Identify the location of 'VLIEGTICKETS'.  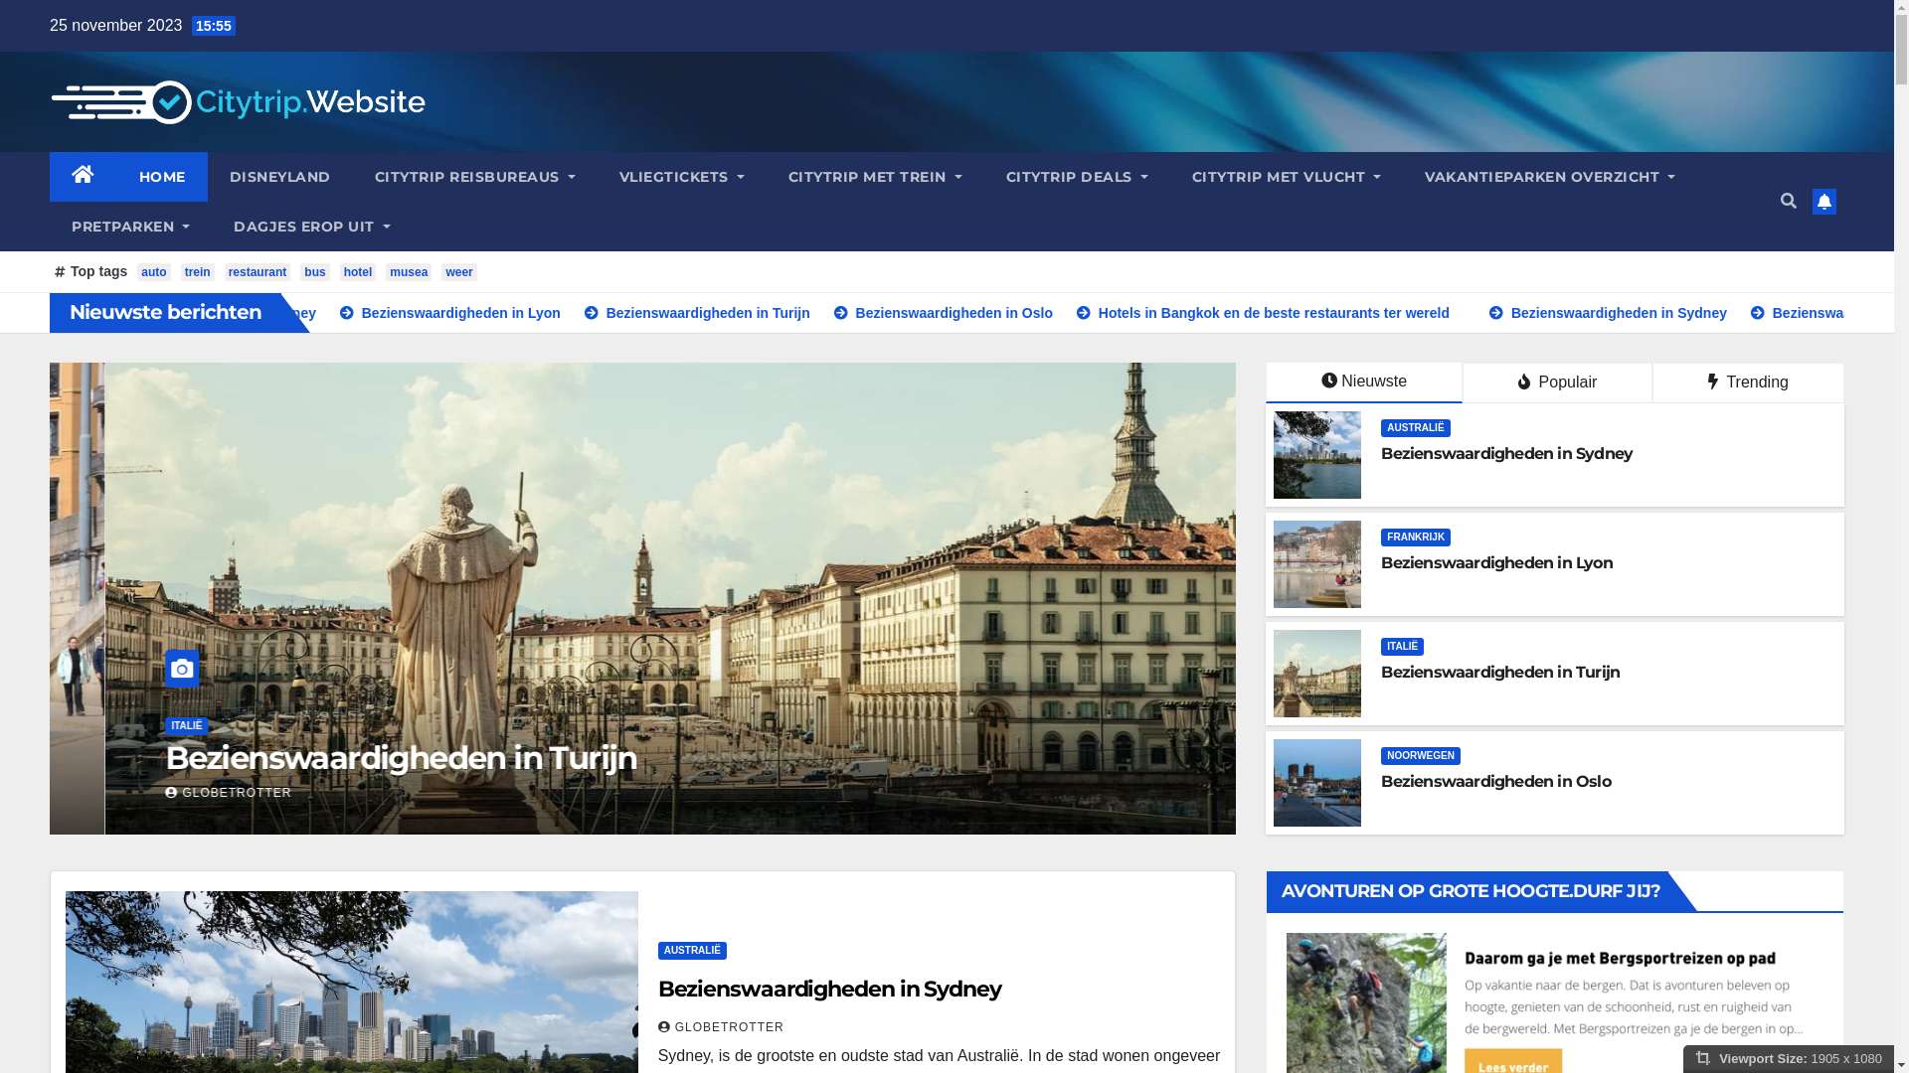
(682, 175).